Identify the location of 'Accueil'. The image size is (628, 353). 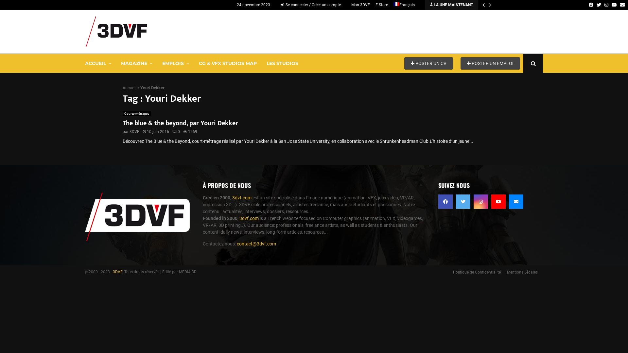
(129, 87).